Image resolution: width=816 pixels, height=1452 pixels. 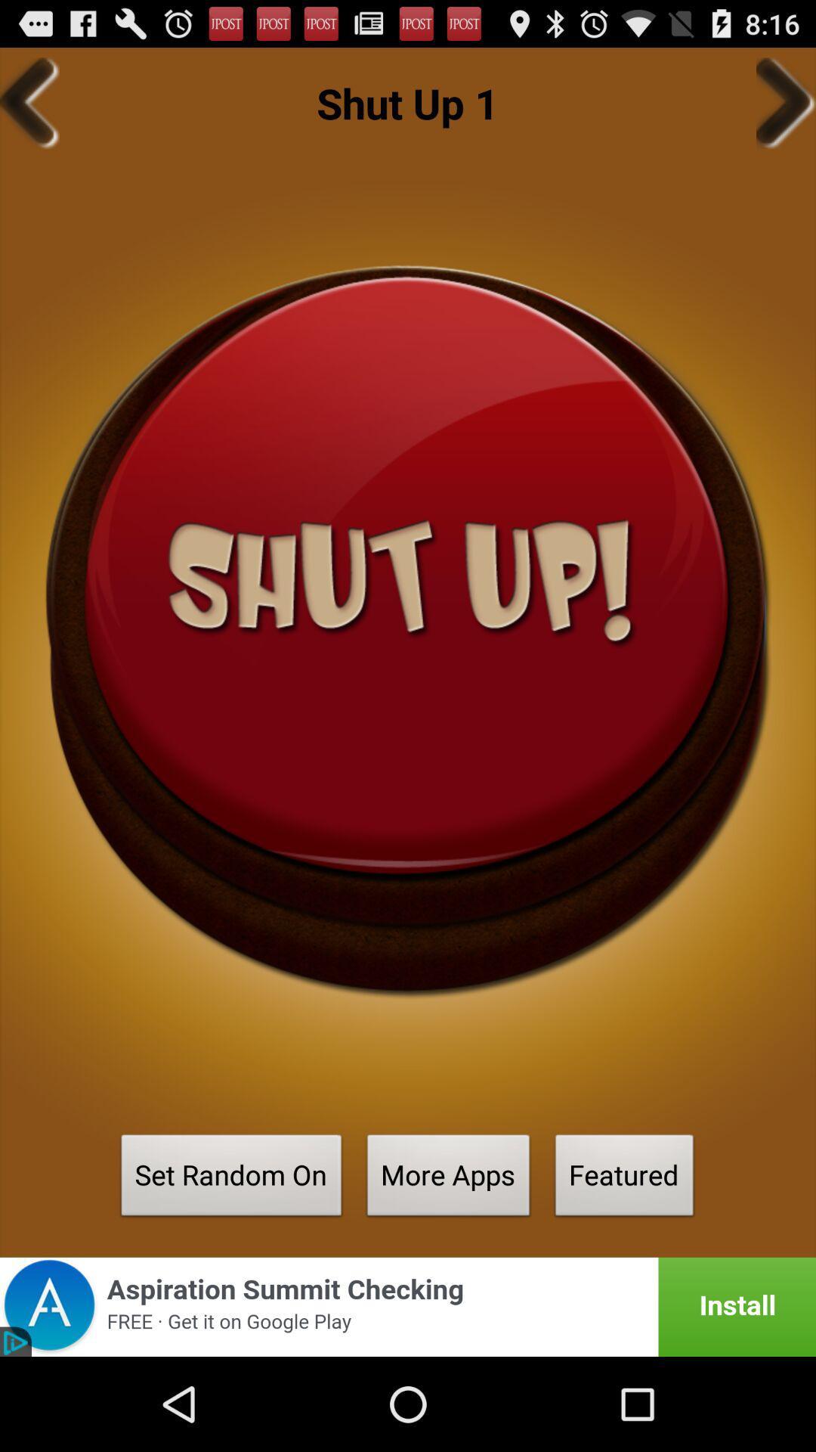 What do you see at coordinates (624, 1179) in the screenshot?
I see `featured button` at bounding box center [624, 1179].